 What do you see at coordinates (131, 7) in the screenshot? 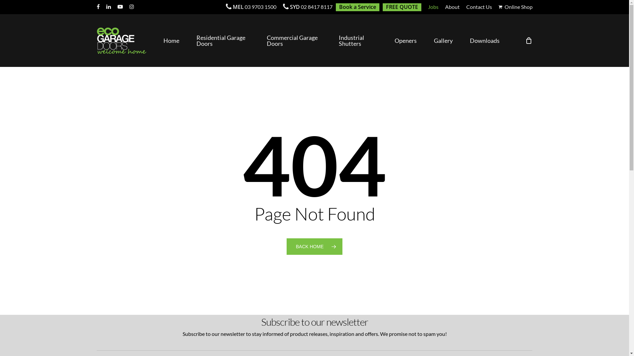
I see `'instagram'` at bounding box center [131, 7].